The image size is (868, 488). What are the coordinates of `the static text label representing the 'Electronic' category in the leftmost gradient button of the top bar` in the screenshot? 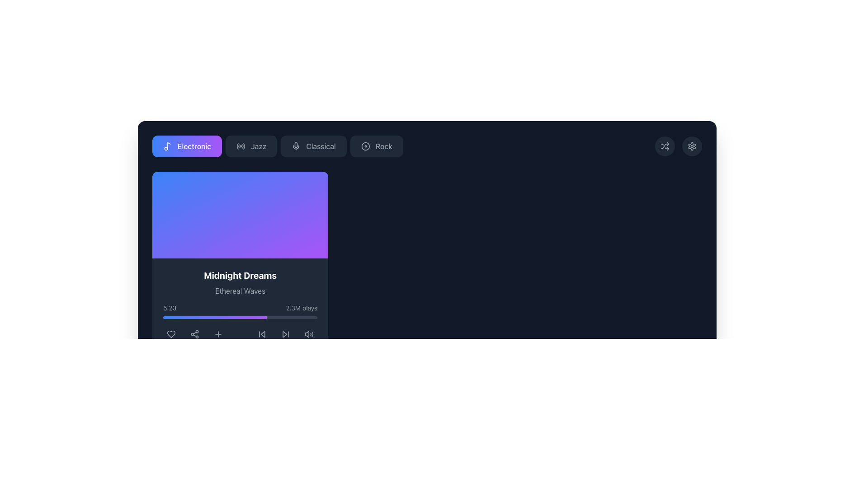 It's located at (194, 146).